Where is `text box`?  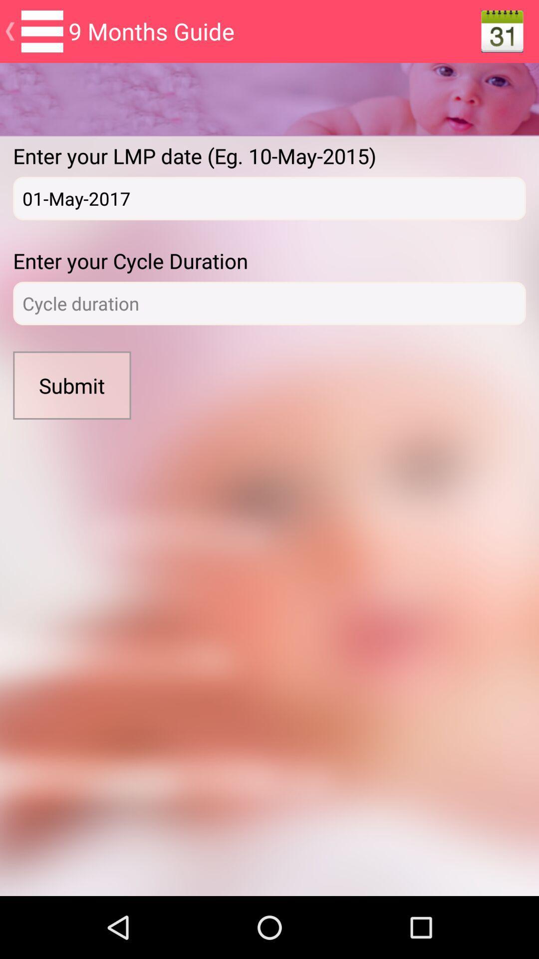 text box is located at coordinates (269, 303).